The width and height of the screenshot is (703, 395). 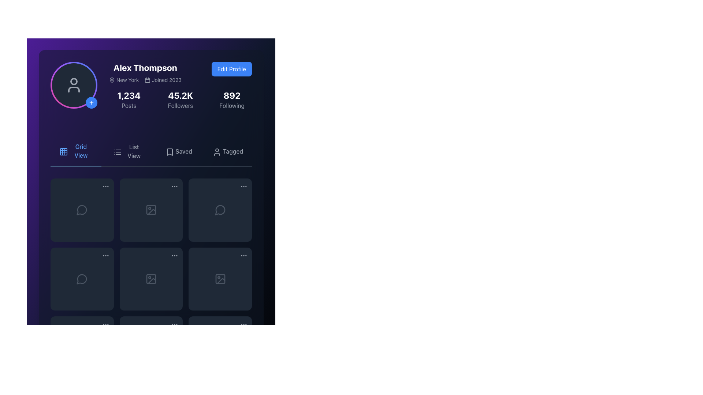 What do you see at coordinates (129, 100) in the screenshot?
I see `count of posts metric displayed as the leftmost item in the profile header's horizontal layout` at bounding box center [129, 100].